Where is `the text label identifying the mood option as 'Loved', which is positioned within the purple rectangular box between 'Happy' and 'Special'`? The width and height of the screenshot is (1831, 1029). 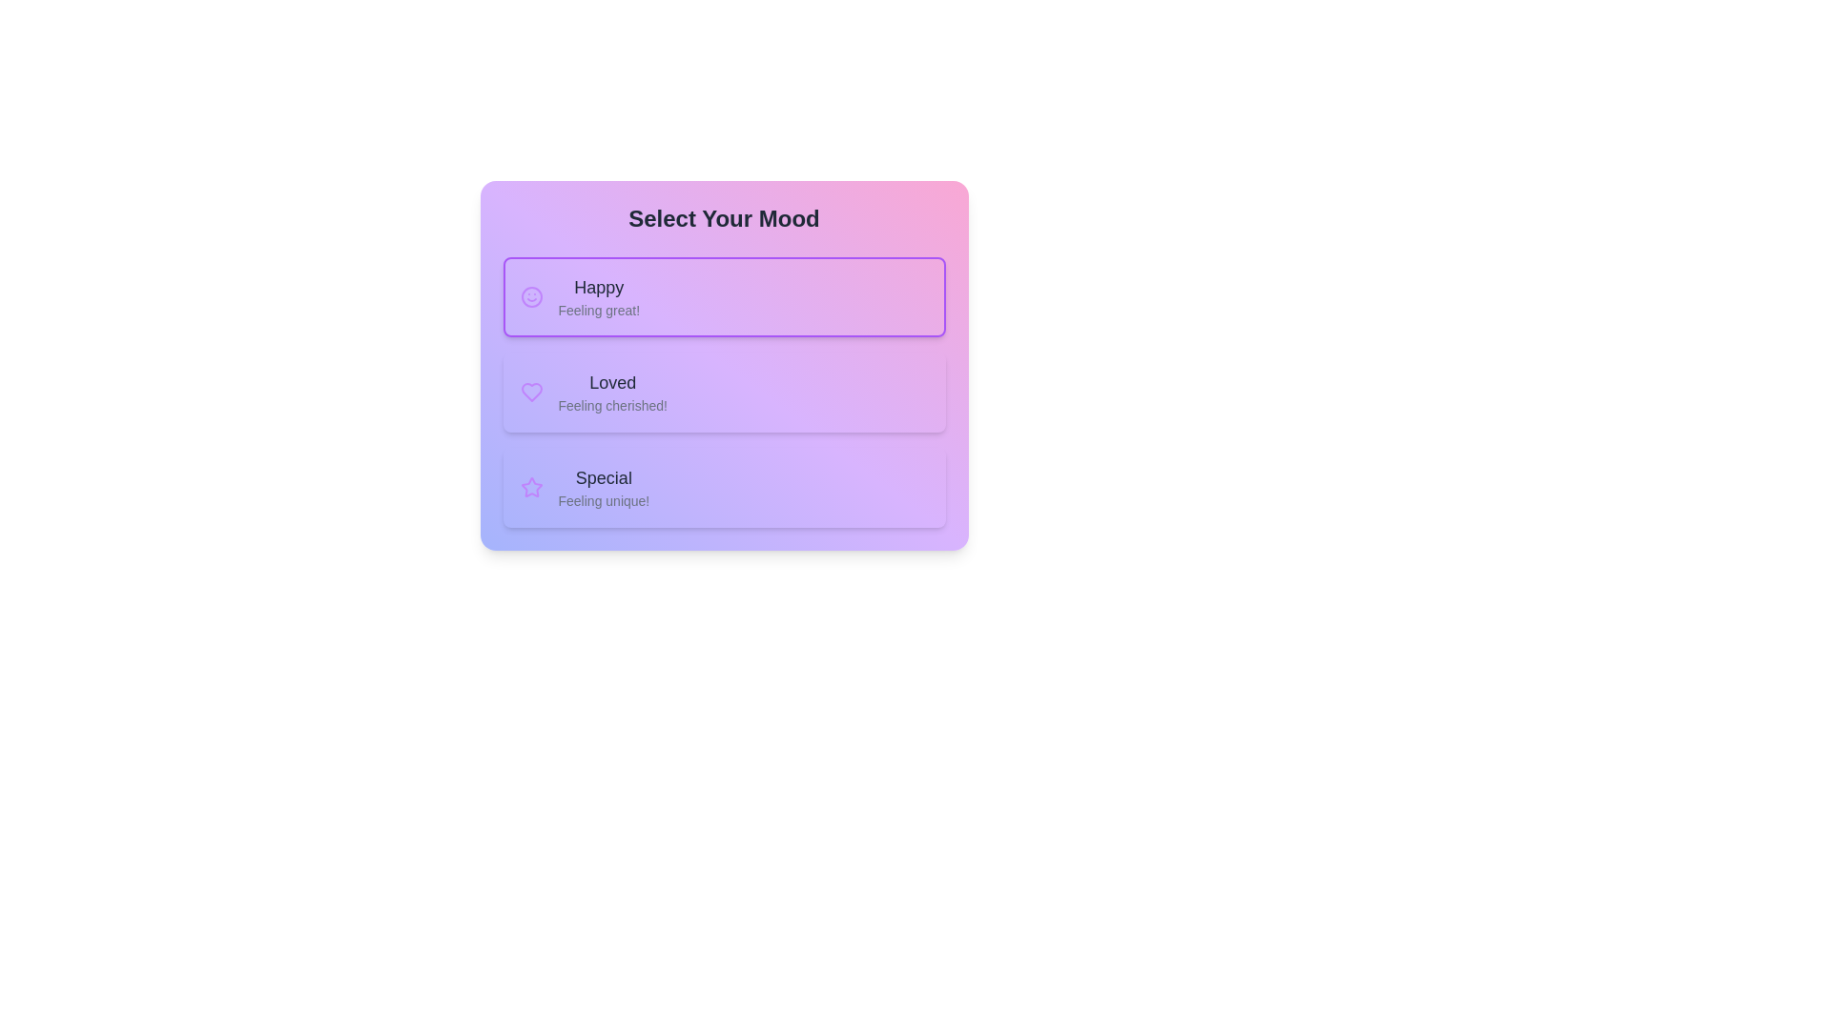 the text label identifying the mood option as 'Loved', which is positioned within the purple rectangular box between 'Happy' and 'Special' is located at coordinates (612, 382).